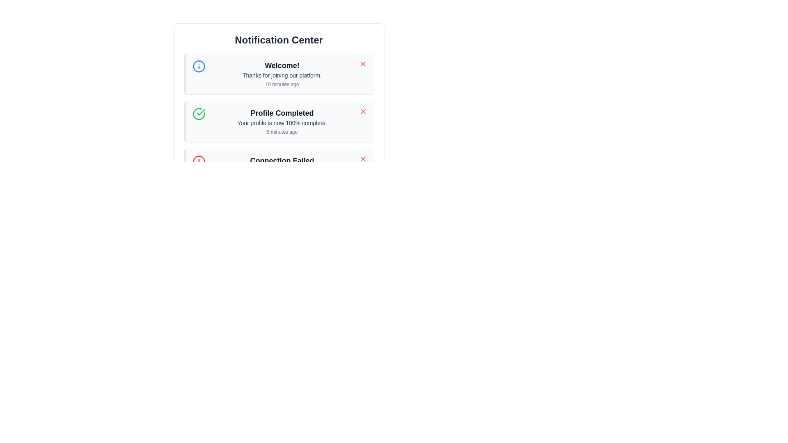 The width and height of the screenshot is (788, 443). What do you see at coordinates (199, 66) in the screenshot?
I see `the circular blue icon with an informational symbol ('i') located at the left side of the first notification card, adjacent to the message 'Welcome! Thanks for joining our platform.'` at bounding box center [199, 66].